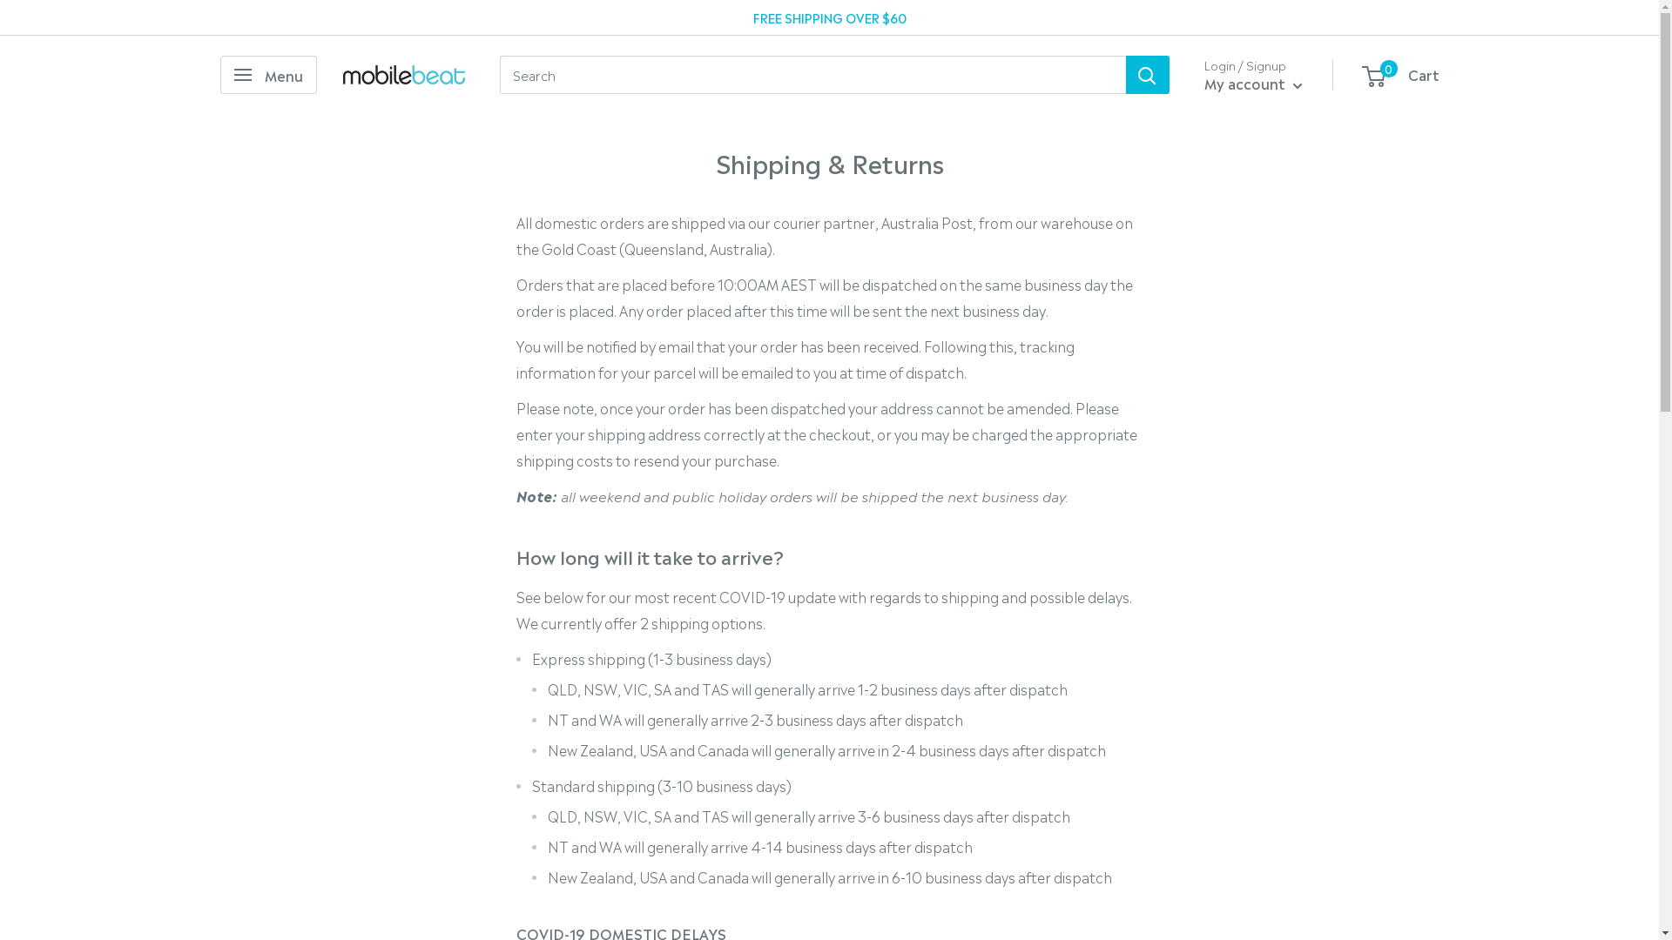 The image size is (1672, 940). Describe the element at coordinates (403, 73) in the screenshot. I see `'Mobilebeat'` at that location.